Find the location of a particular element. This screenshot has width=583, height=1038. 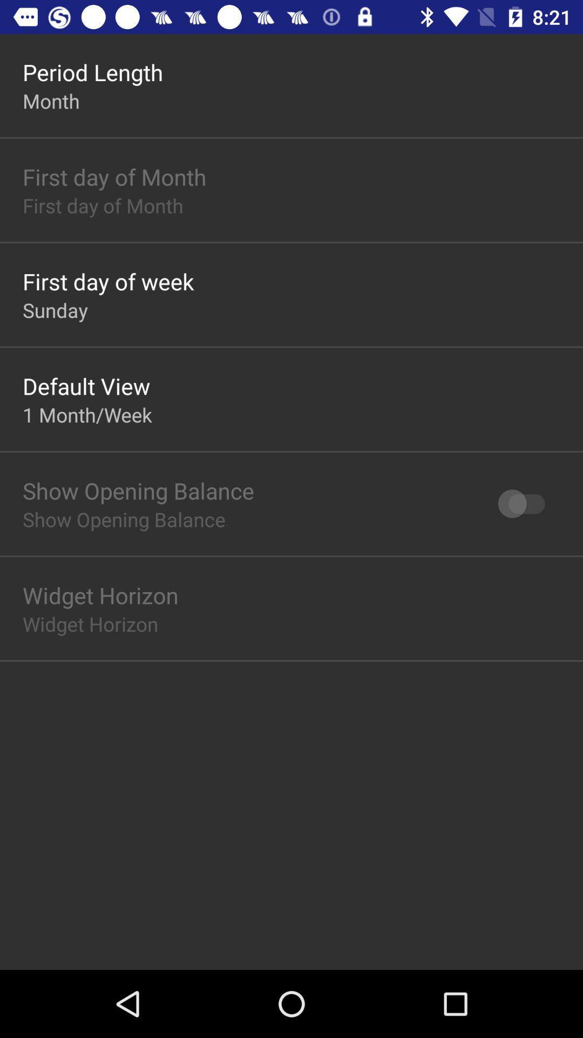

the period length is located at coordinates (92, 71).